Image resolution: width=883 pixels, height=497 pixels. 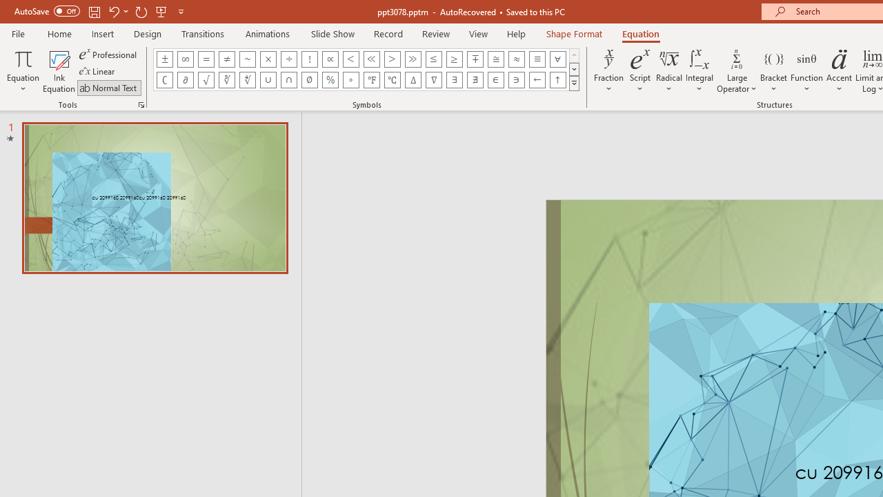 What do you see at coordinates (248, 79) in the screenshot?
I see `'Equation Symbol Fourth Root'` at bounding box center [248, 79].